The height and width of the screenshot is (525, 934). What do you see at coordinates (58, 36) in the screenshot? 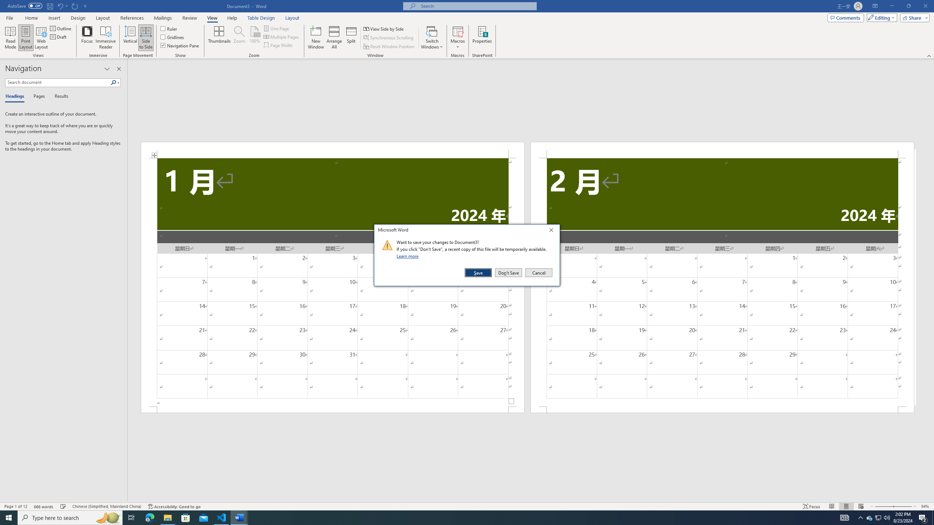
I see `'Draft'` at bounding box center [58, 36].